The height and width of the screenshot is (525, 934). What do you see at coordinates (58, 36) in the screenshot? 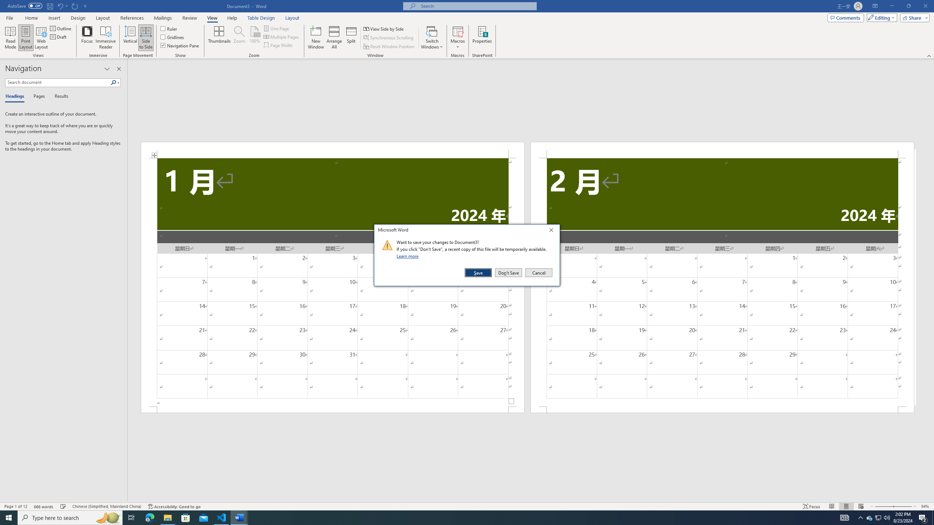
I see `'Draft'` at bounding box center [58, 36].